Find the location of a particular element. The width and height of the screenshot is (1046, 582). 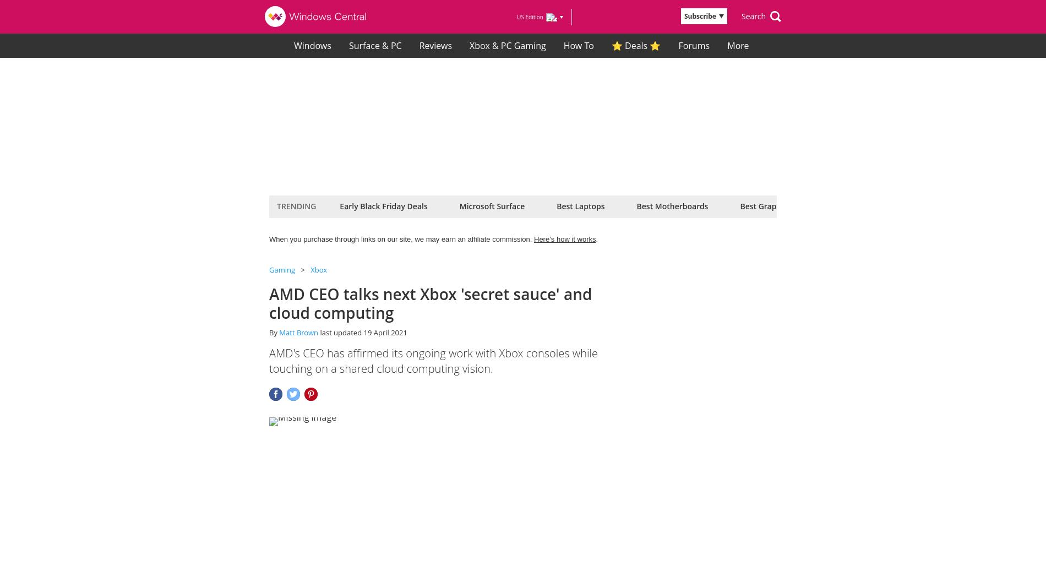

'By' is located at coordinates (274, 331).